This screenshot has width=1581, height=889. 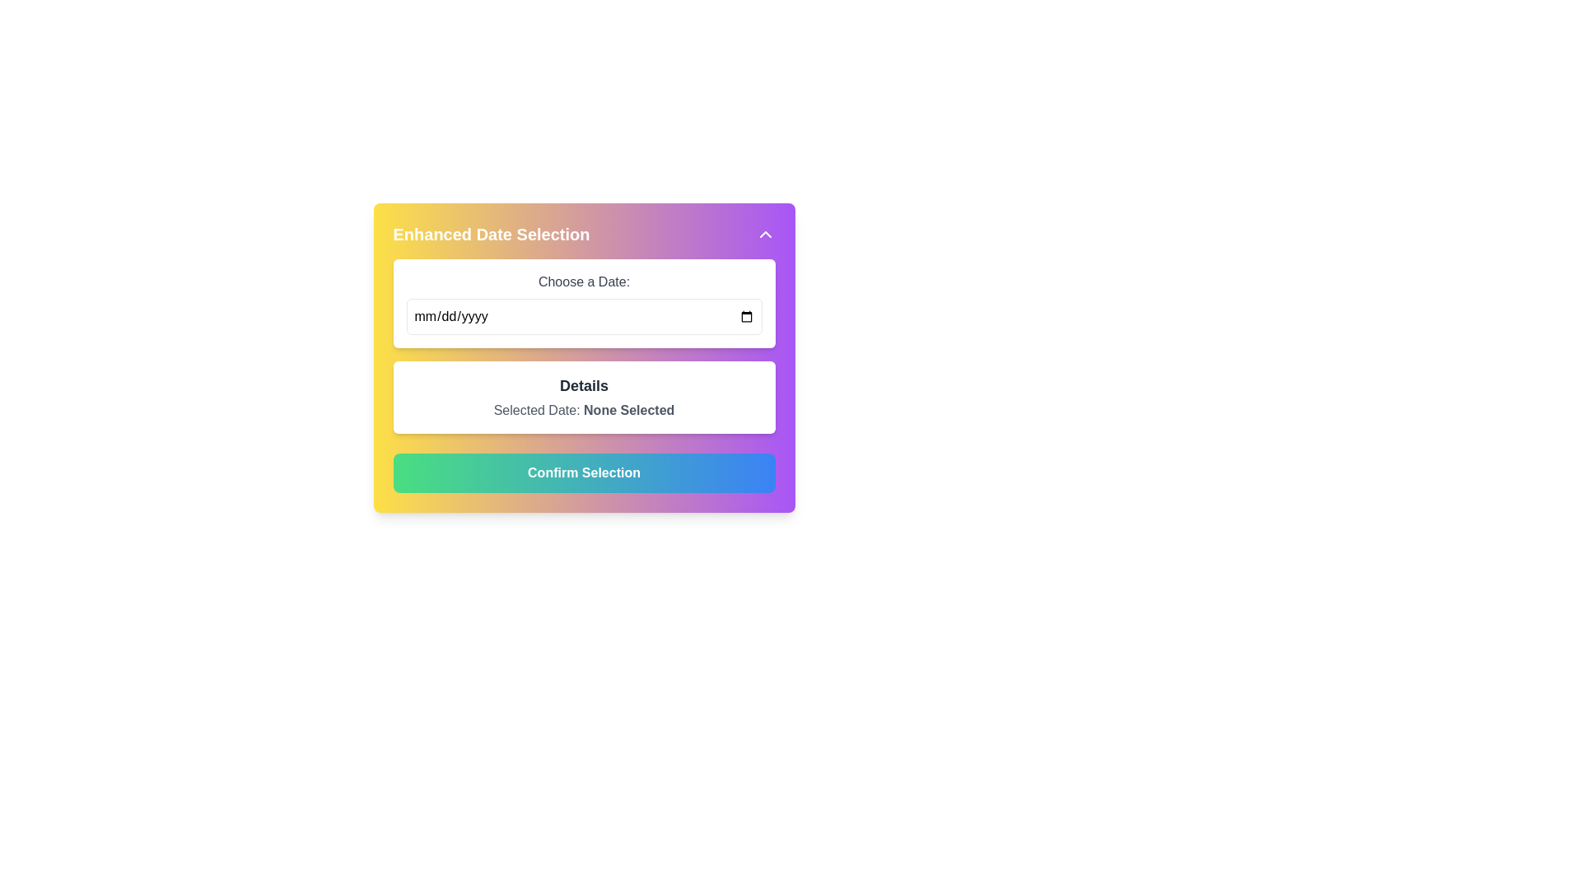 I want to click on the upward-pointing chevron icon on the purple background located at the top-right corner of the 'Enhanced Date Selection' card, so click(x=764, y=235).